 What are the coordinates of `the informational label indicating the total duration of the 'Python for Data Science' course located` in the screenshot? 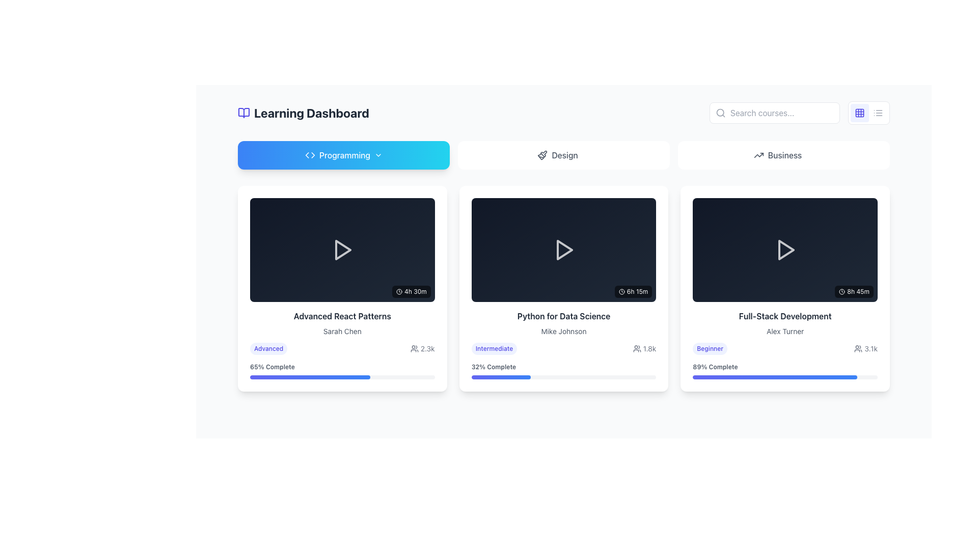 It's located at (633, 292).